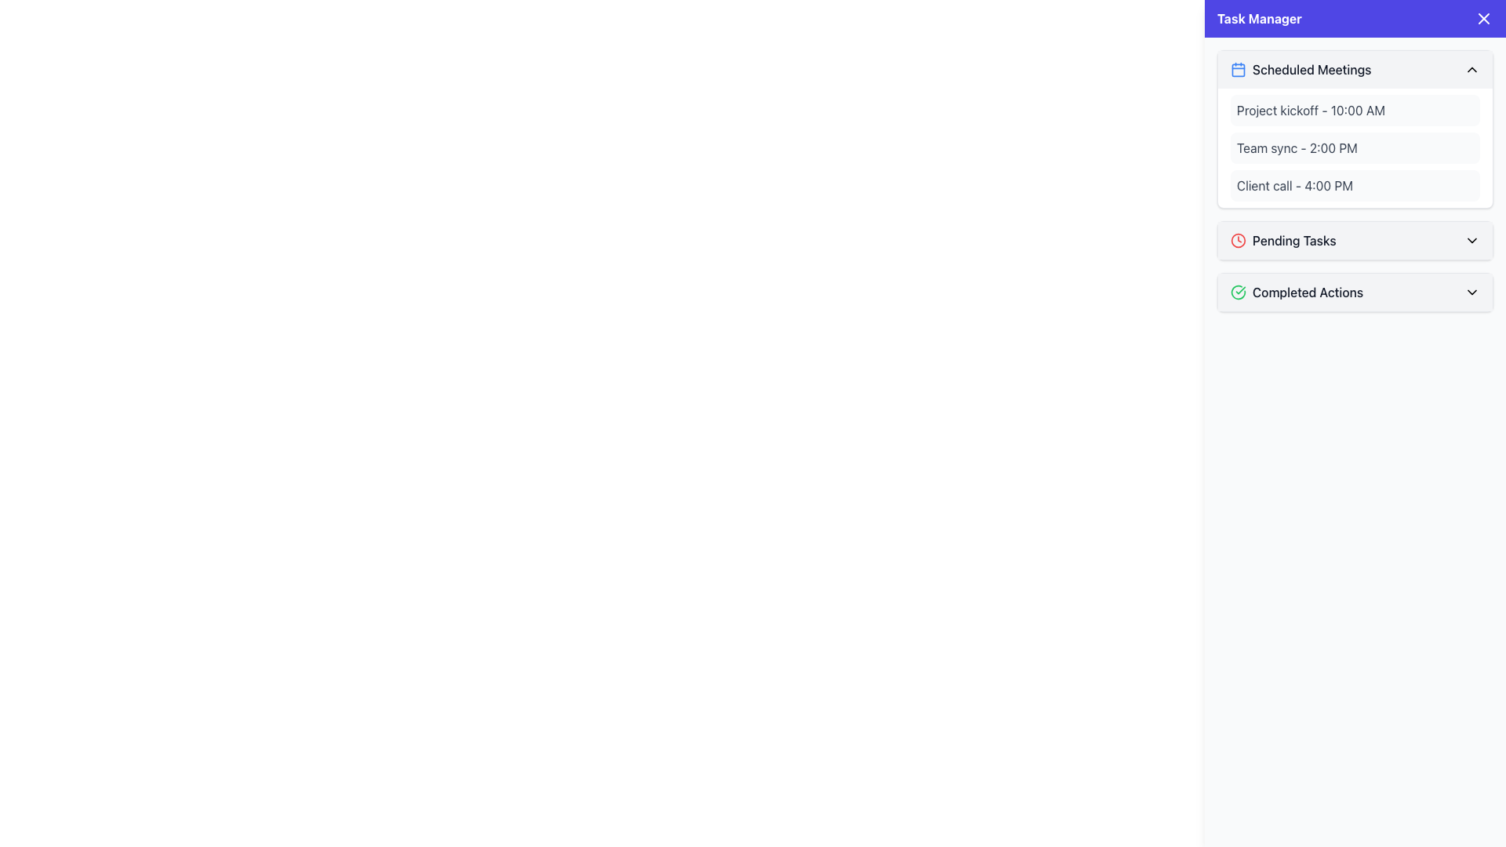 Image resolution: width=1506 pixels, height=847 pixels. What do you see at coordinates (1238, 68) in the screenshot?
I see `the blue calendar icon located to the left of the text 'Scheduled Meetings' in the Task Manager interface` at bounding box center [1238, 68].